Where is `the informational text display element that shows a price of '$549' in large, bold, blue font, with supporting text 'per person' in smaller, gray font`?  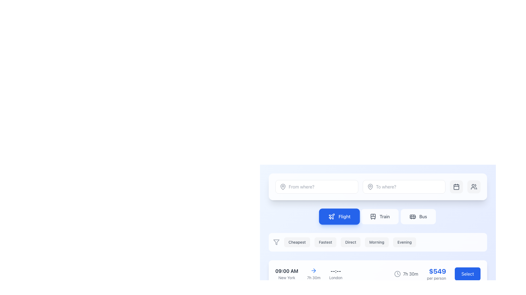
the informational text display element that shows a price of '$549' in large, bold, blue font, with supporting text 'per person' in smaller, gray font is located at coordinates (436, 274).